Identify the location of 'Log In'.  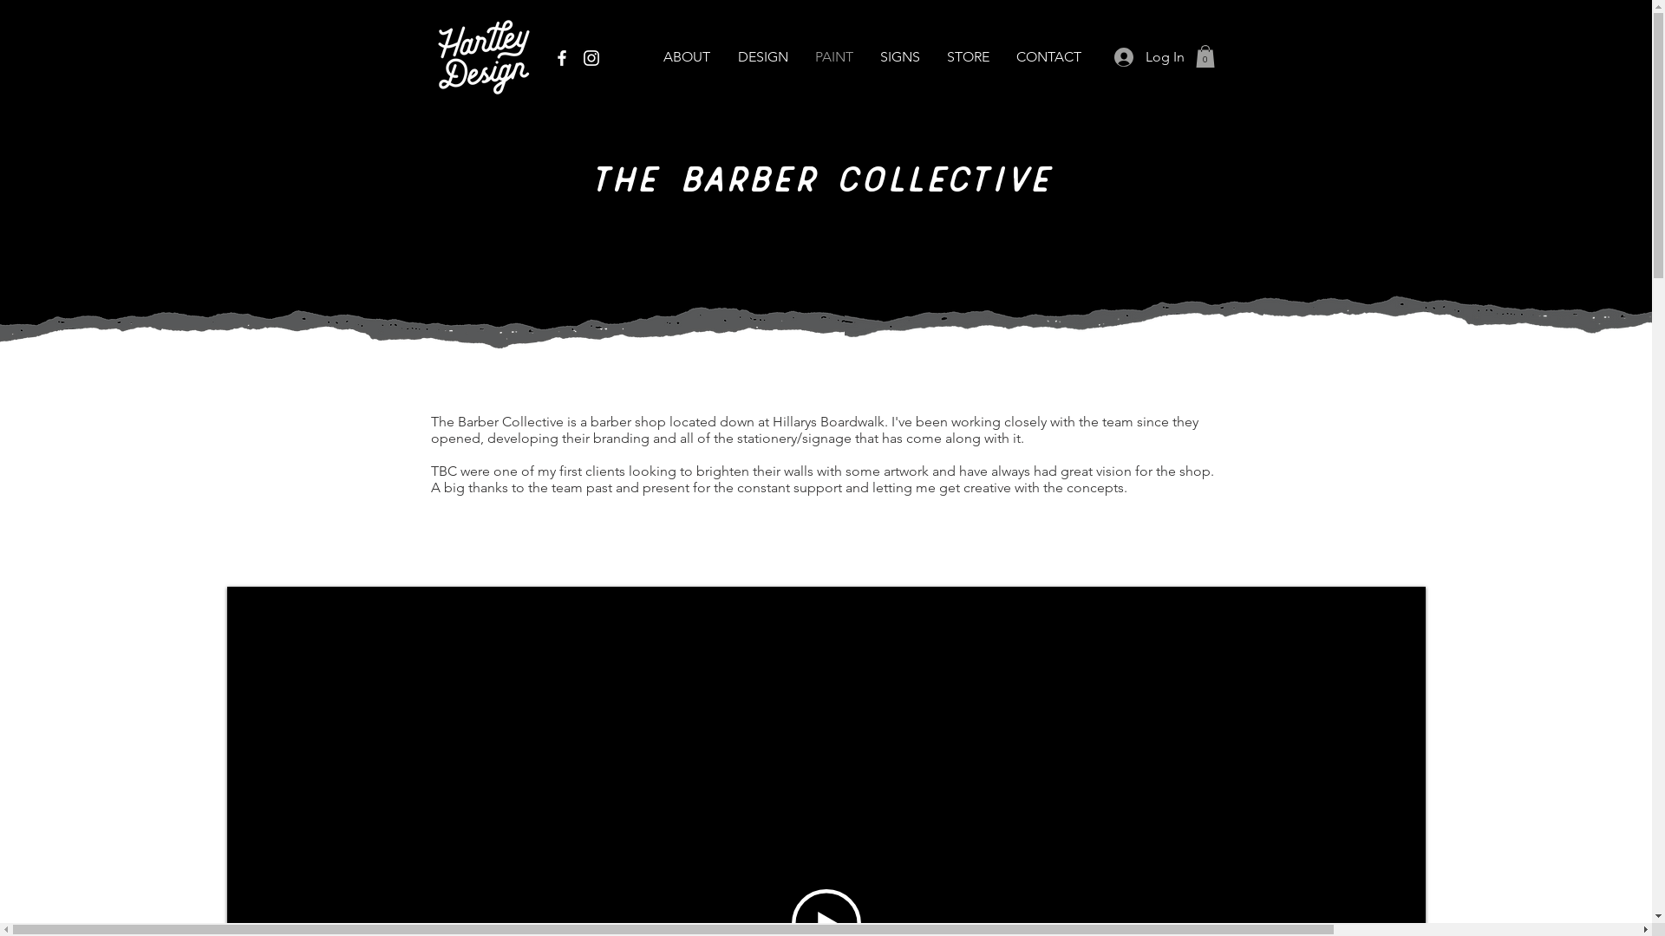
(1144, 55).